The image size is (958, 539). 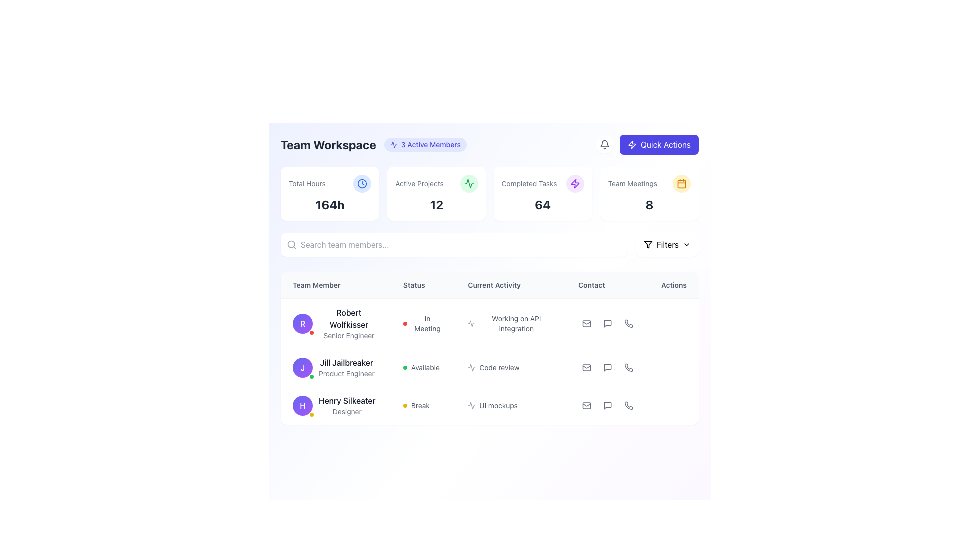 What do you see at coordinates (489, 348) in the screenshot?
I see `a row in the team members table, which has a white background and alternating row shading for readability` at bounding box center [489, 348].